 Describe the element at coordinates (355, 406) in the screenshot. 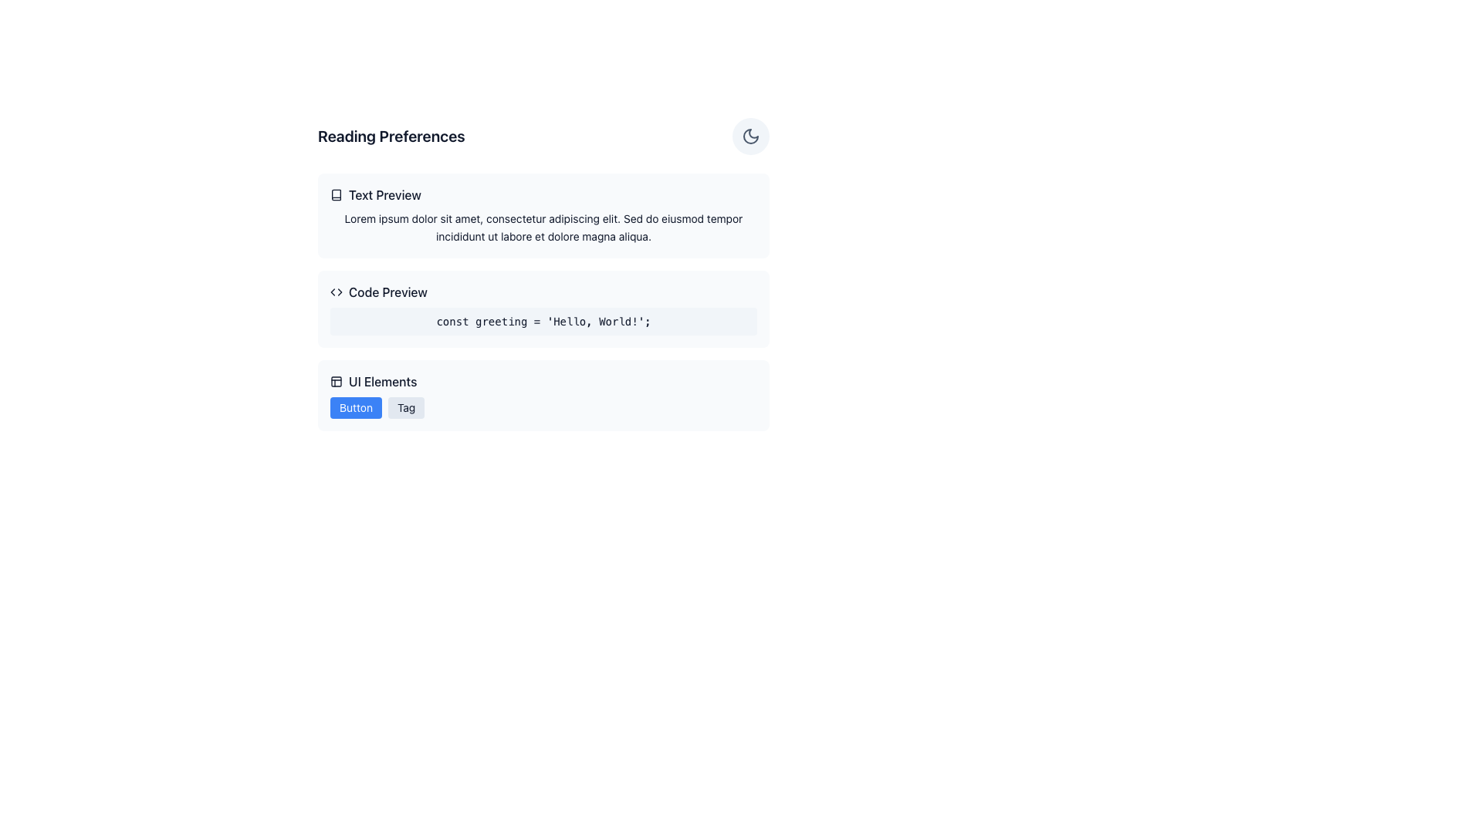

I see `the rectangular button with a blue background and white text reading 'Button' to observe styling changes` at that location.